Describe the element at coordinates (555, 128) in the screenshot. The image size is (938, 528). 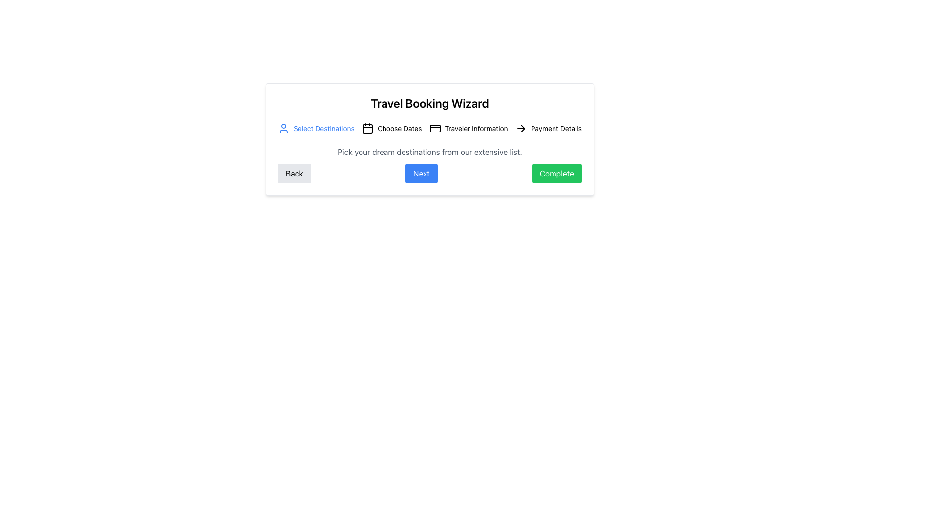
I see `the 'Payment Details' text label` at that location.